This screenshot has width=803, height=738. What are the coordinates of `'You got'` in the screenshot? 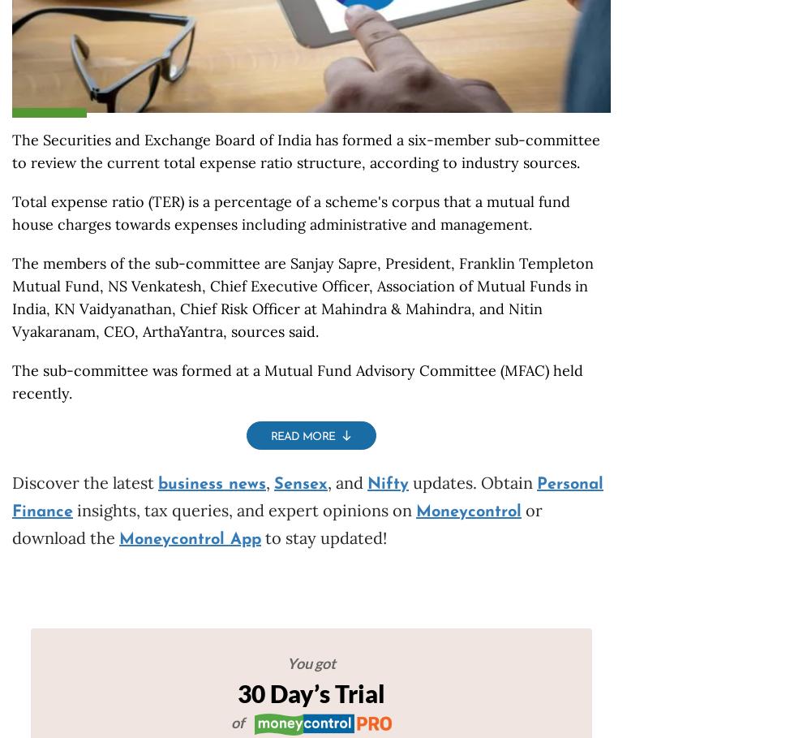 It's located at (287, 663).